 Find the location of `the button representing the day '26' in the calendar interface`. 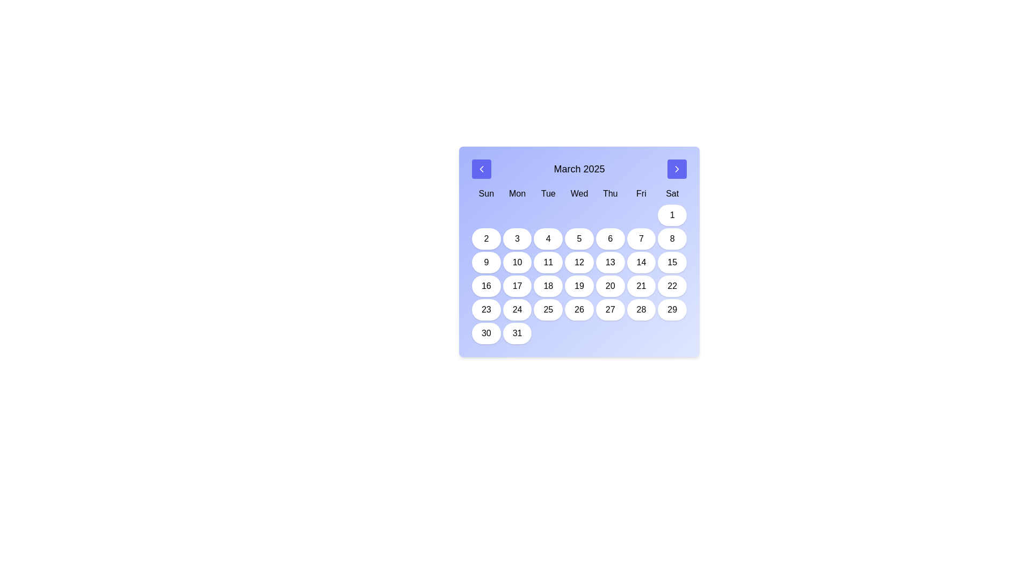

the button representing the day '26' in the calendar interface is located at coordinates (579, 310).